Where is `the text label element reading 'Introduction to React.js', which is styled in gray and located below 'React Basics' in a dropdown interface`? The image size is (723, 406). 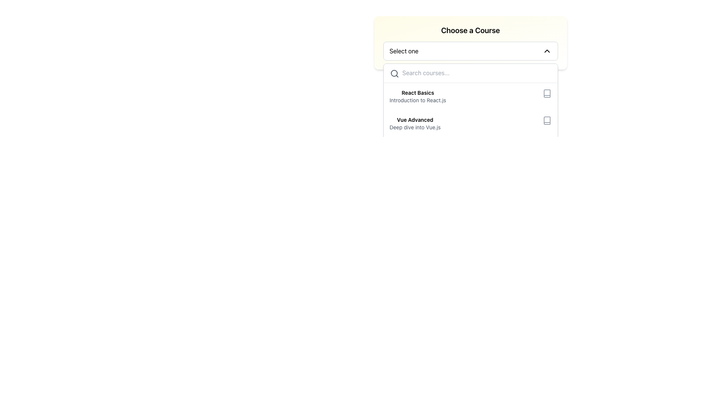
the text label element reading 'Introduction to React.js', which is styled in gray and located below 'React Basics' in a dropdown interface is located at coordinates (417, 100).